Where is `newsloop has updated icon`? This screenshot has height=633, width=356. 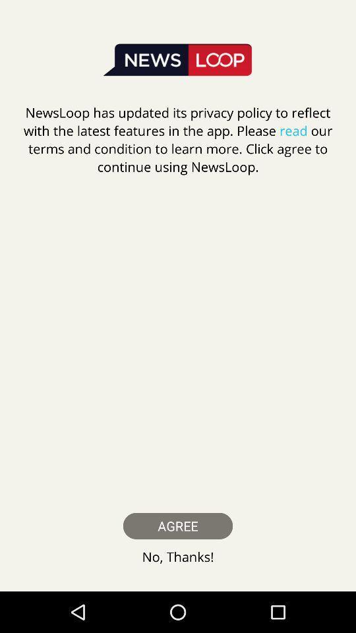 newsloop has updated icon is located at coordinates (178, 139).